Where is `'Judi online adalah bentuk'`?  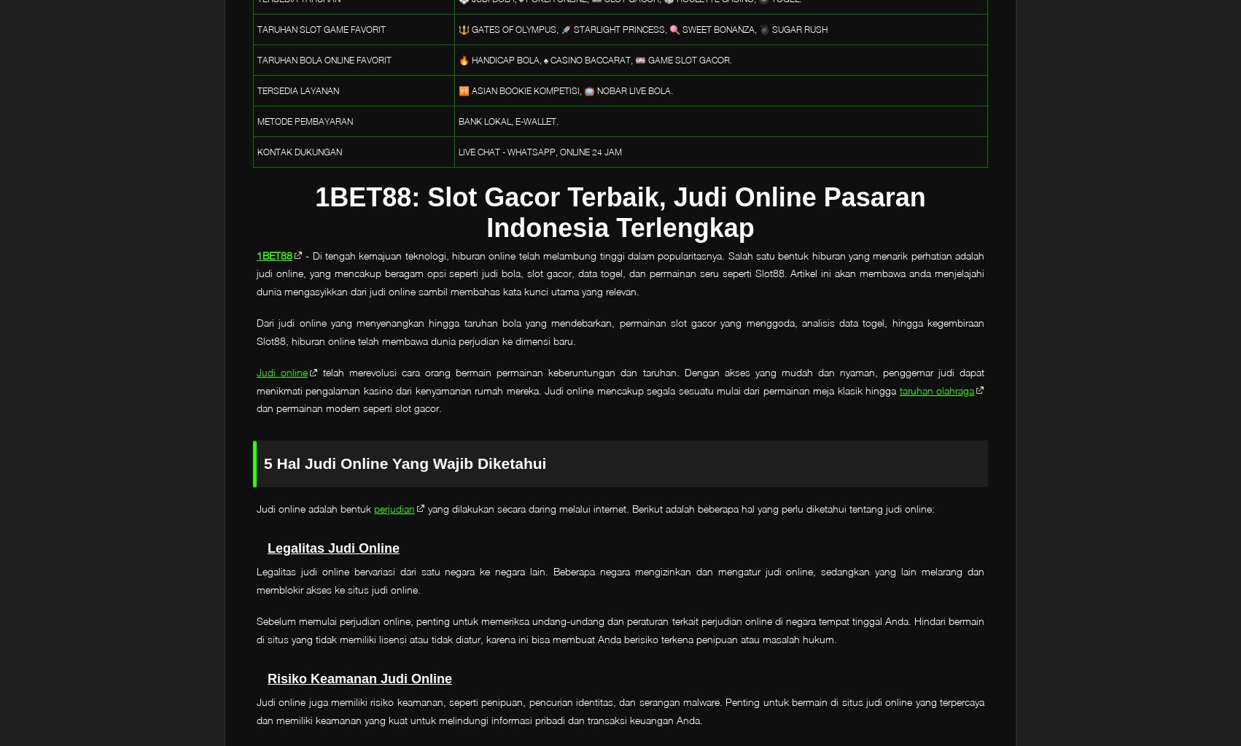 'Judi online adalah bentuk' is located at coordinates (256, 507).